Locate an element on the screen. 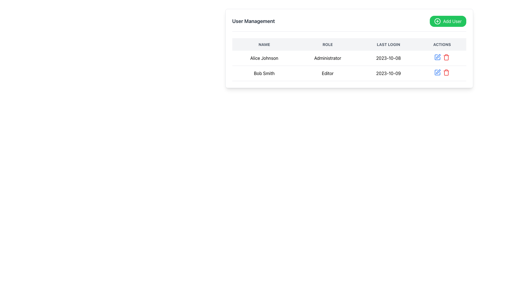  the green rounded button labeled 'Add User' with a plus sign icon in the top-right corner of the 'User Management' section to initiate user addition is located at coordinates (448, 21).